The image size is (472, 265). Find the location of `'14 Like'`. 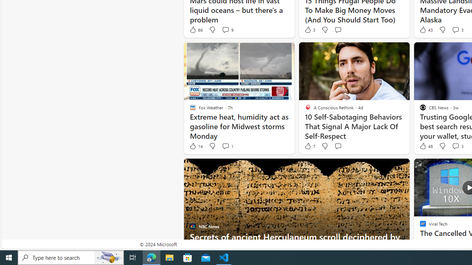

'14 Like' is located at coordinates (196, 146).